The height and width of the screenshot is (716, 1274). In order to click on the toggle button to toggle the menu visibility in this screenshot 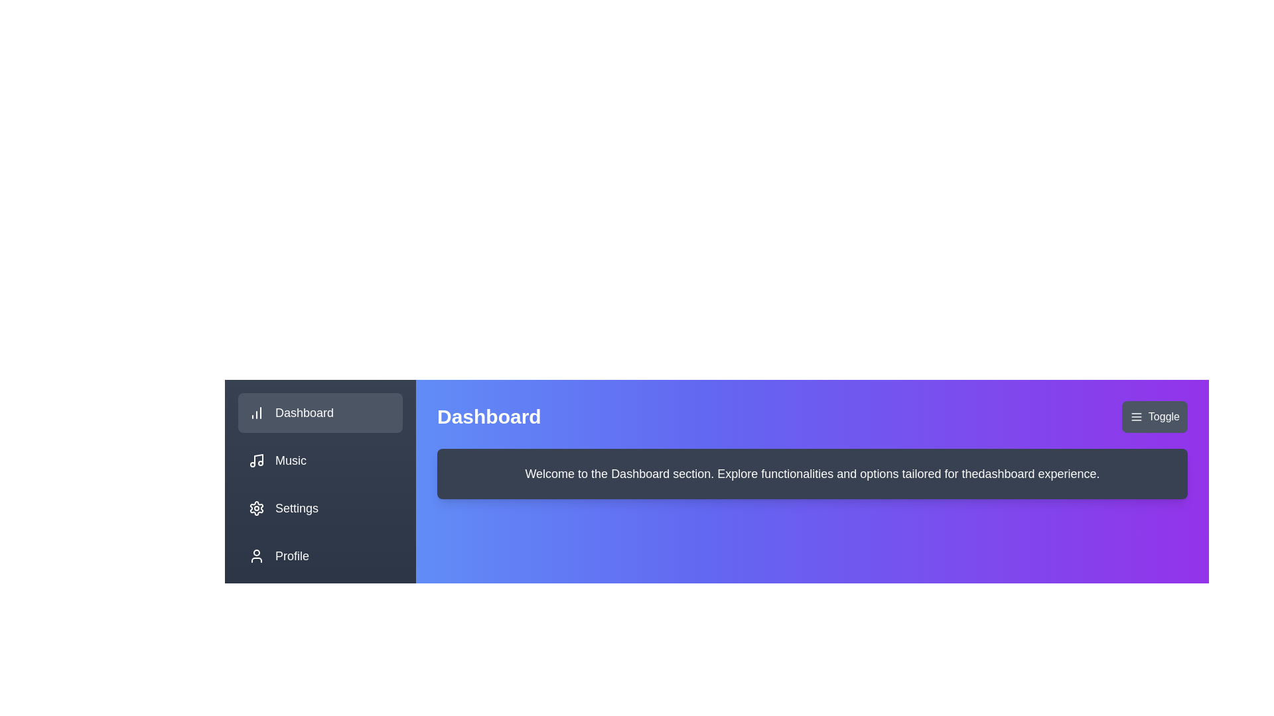, I will do `click(1153, 416)`.